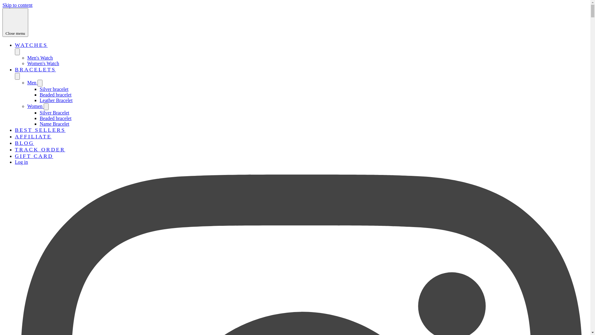  I want to click on 'BLOG', so click(15, 143).